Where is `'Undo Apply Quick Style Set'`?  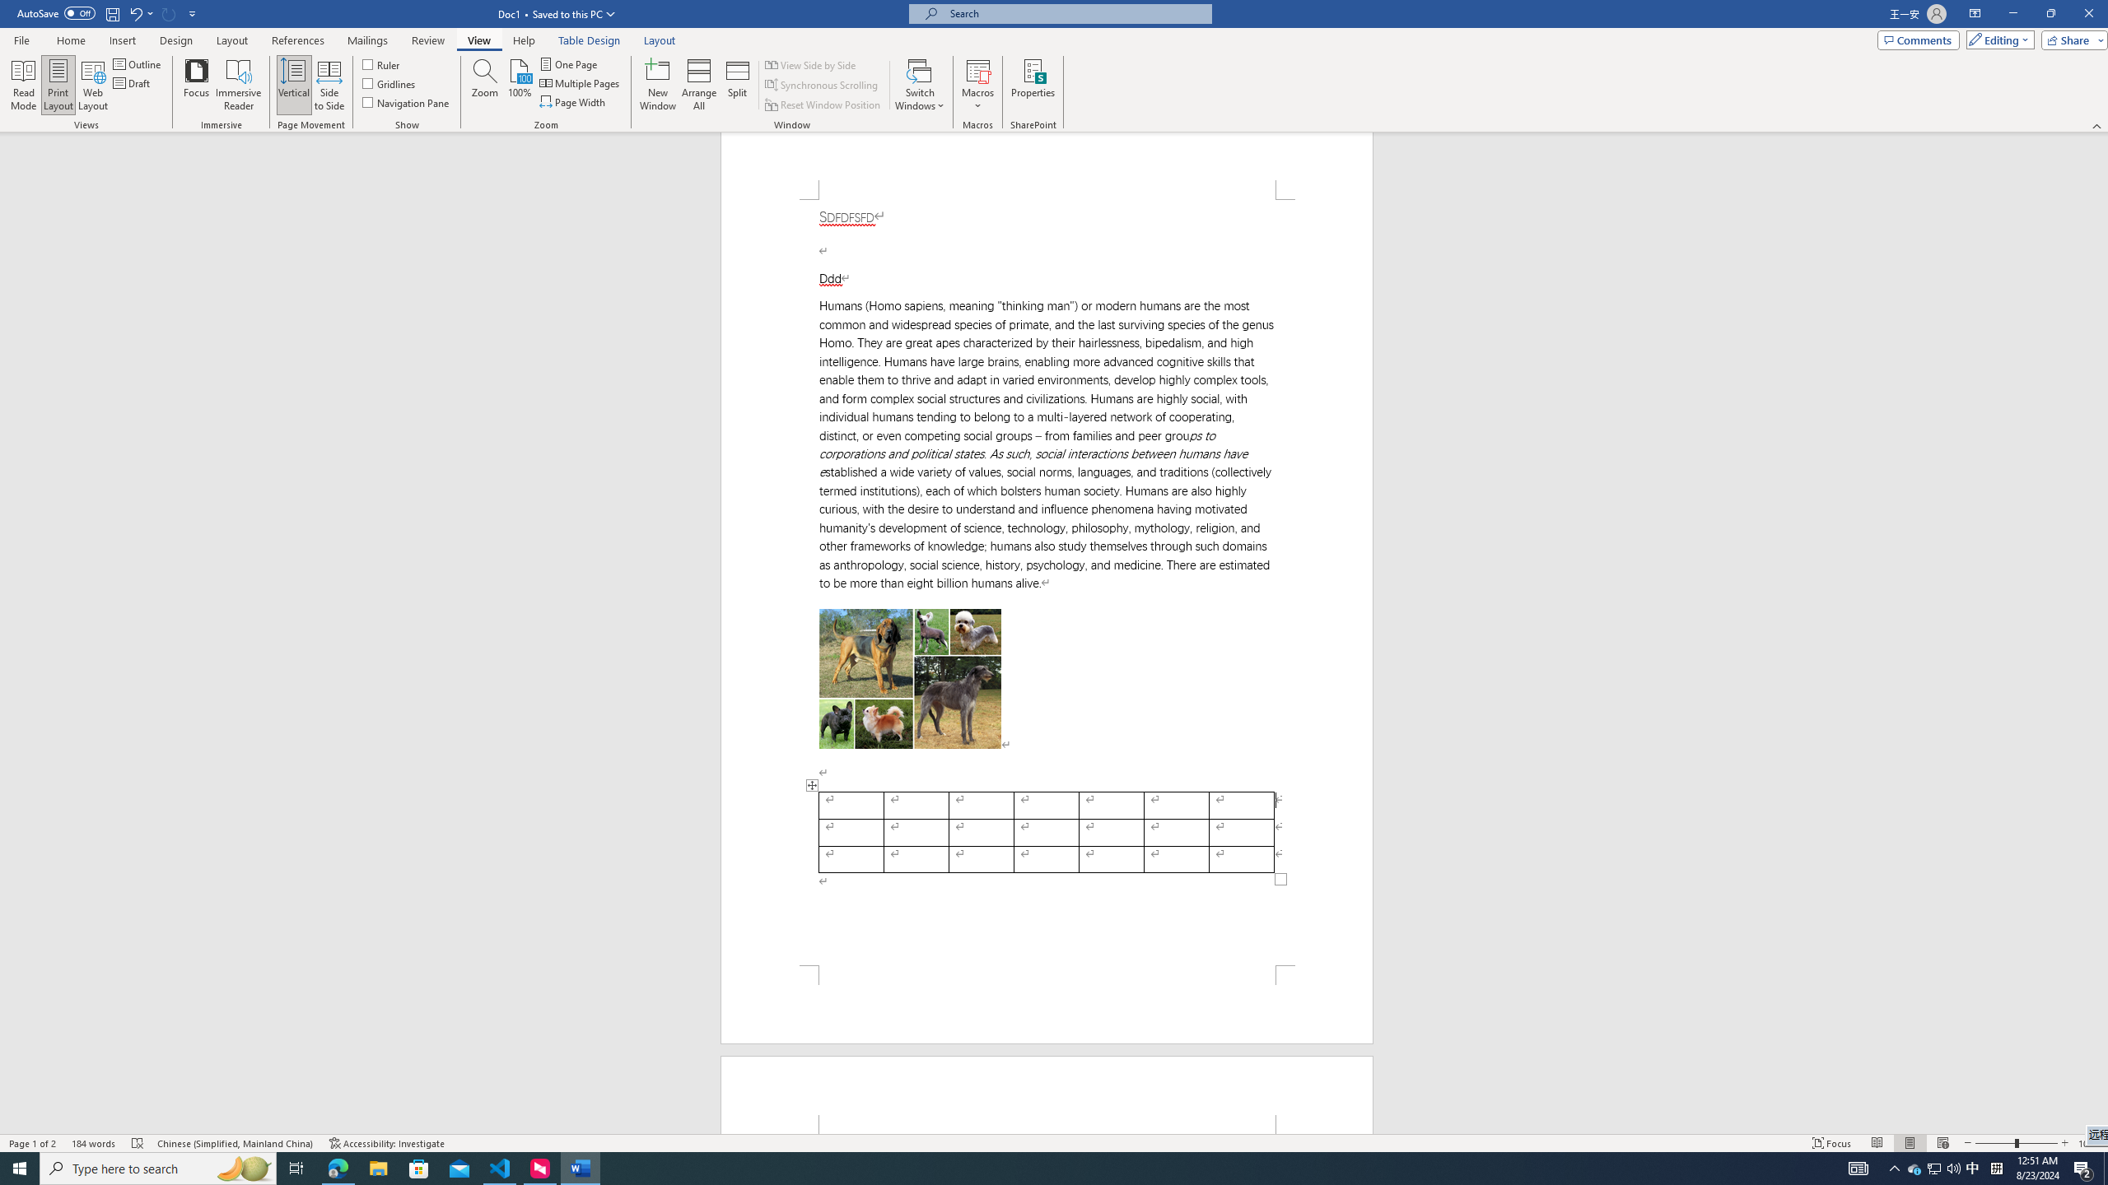
'Undo Apply Quick Style Set' is located at coordinates (140, 12).